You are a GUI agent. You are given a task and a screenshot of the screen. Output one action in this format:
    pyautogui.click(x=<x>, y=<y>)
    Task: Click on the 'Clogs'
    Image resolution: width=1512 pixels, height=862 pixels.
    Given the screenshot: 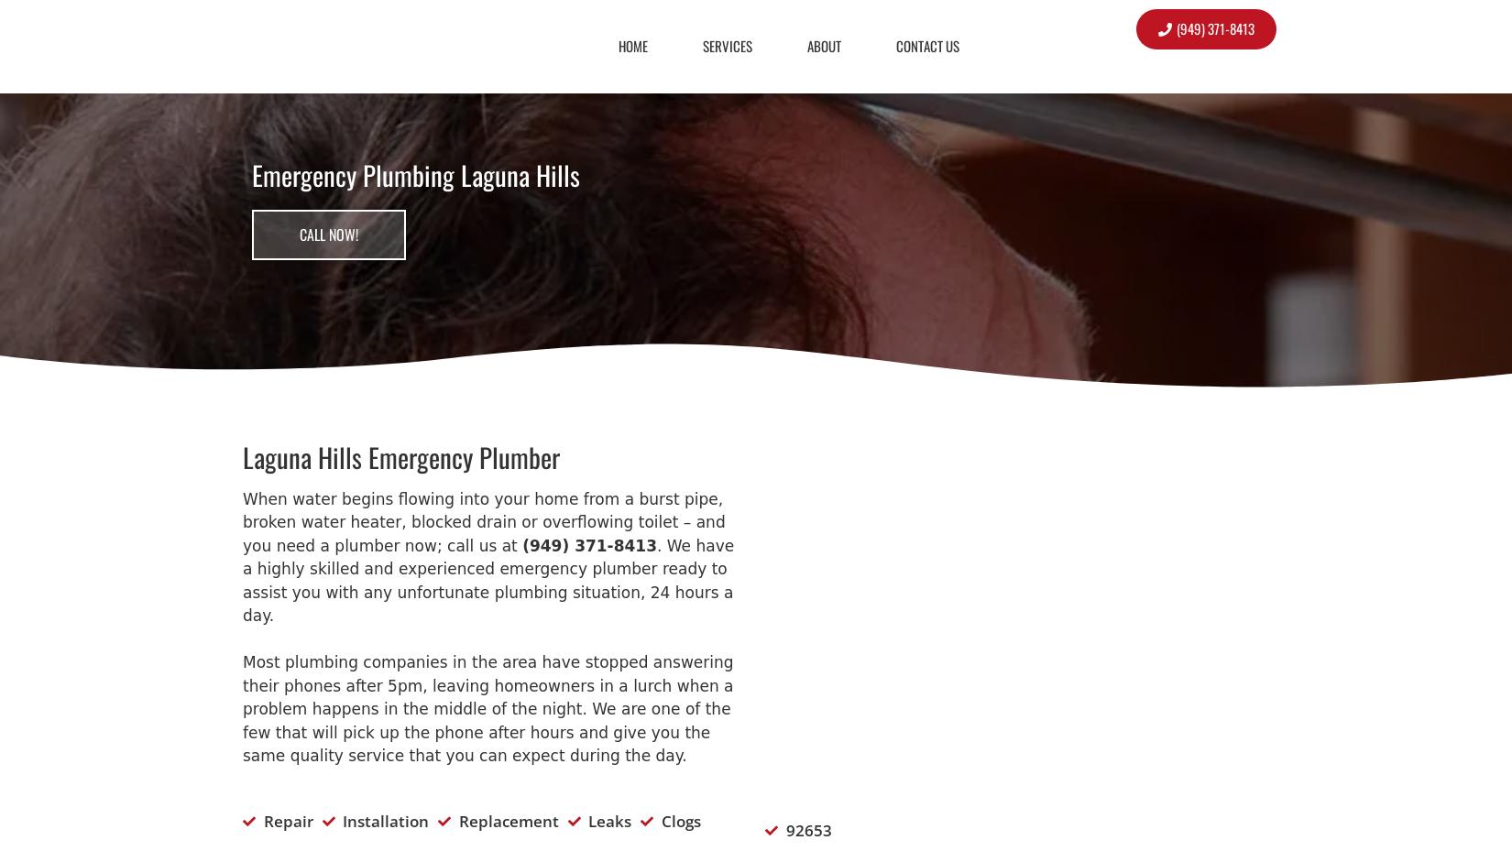 What is the action you would take?
    pyautogui.click(x=679, y=821)
    